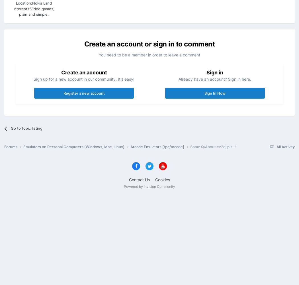 This screenshot has width=299, height=285. I want to click on 'You need to be a member in order to leave a comment', so click(149, 54).